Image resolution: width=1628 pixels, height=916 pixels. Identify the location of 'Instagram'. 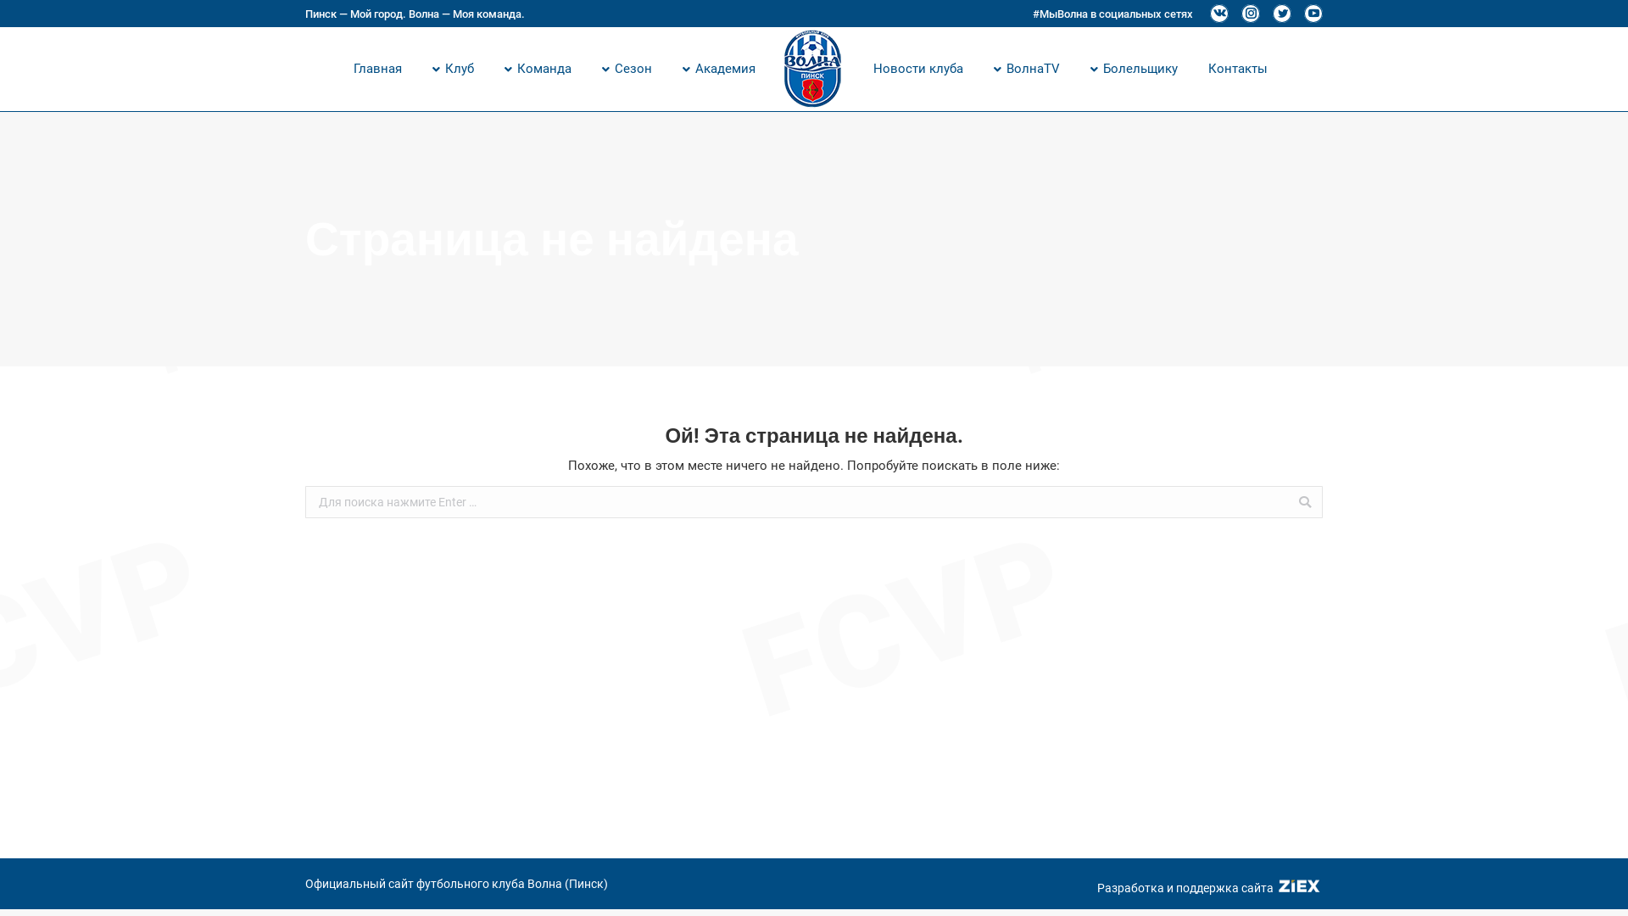
(1250, 13).